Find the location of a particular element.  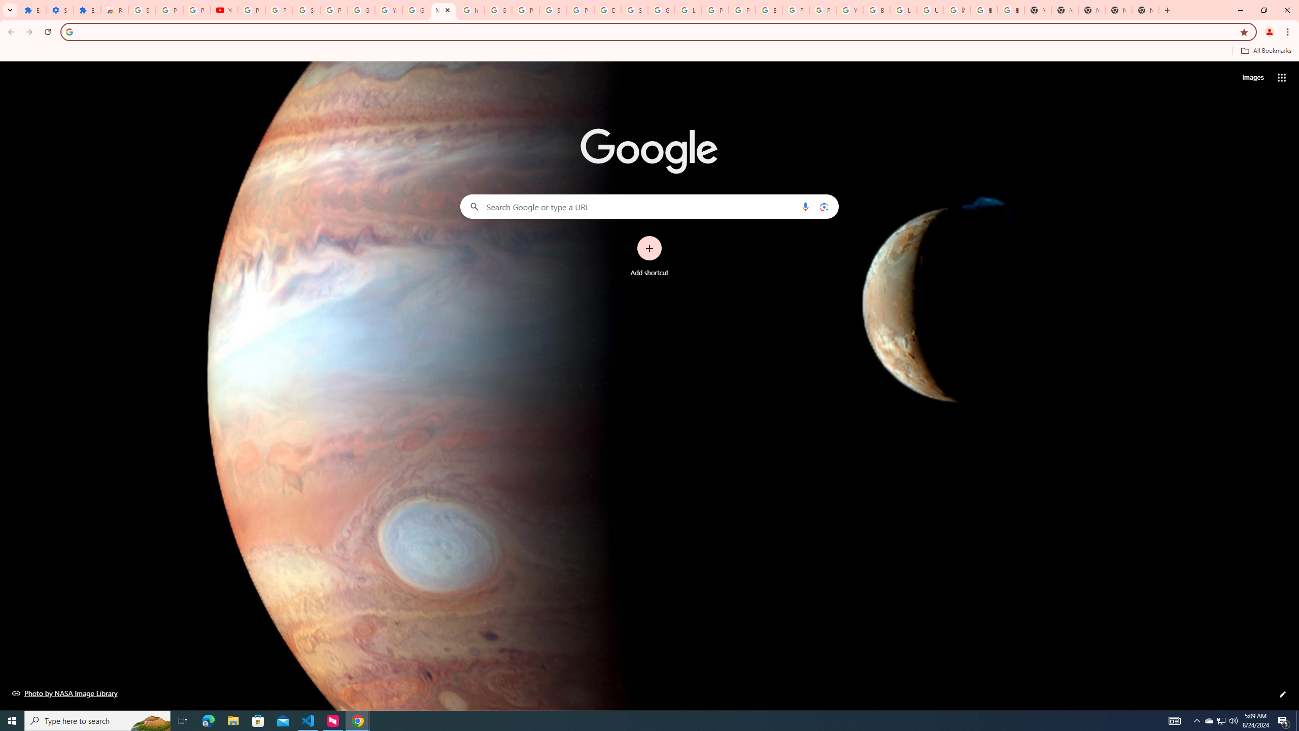

'Google Account' is located at coordinates (360, 10).